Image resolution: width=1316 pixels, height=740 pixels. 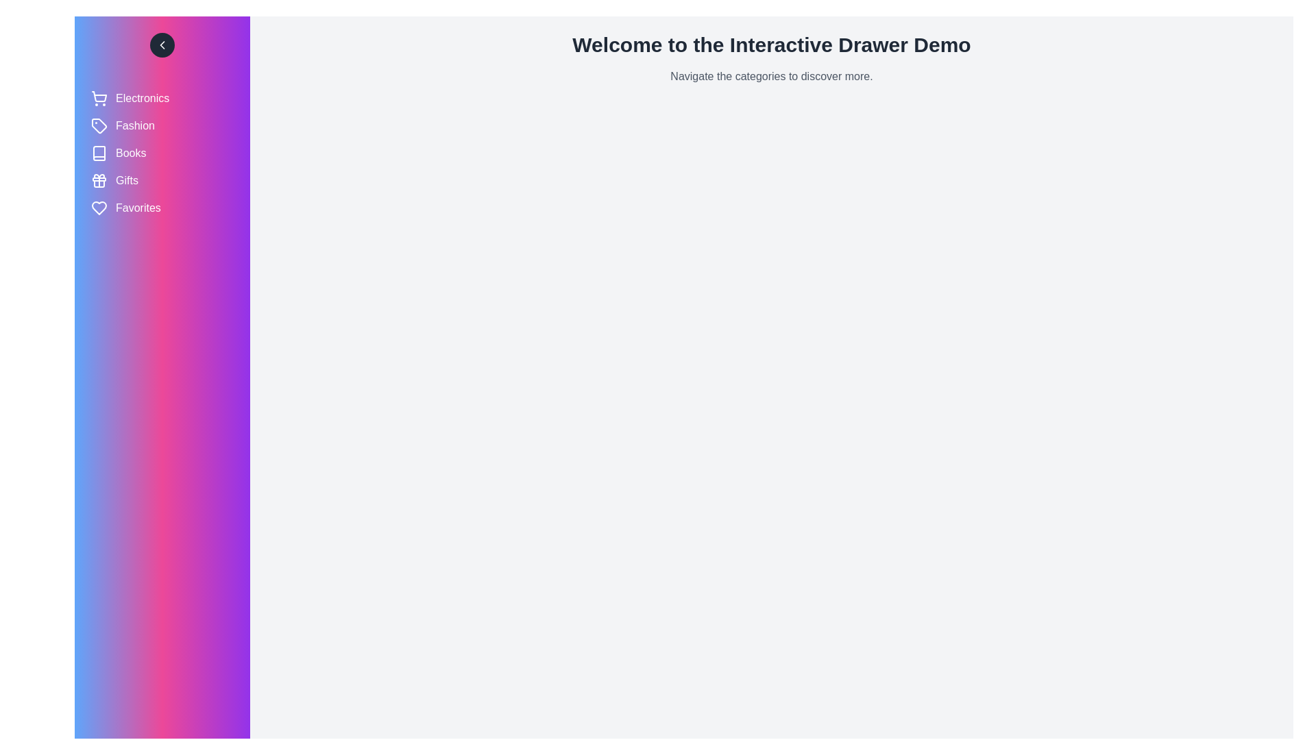 What do you see at coordinates (162, 97) in the screenshot?
I see `the category Electronics to observe its hover effect` at bounding box center [162, 97].